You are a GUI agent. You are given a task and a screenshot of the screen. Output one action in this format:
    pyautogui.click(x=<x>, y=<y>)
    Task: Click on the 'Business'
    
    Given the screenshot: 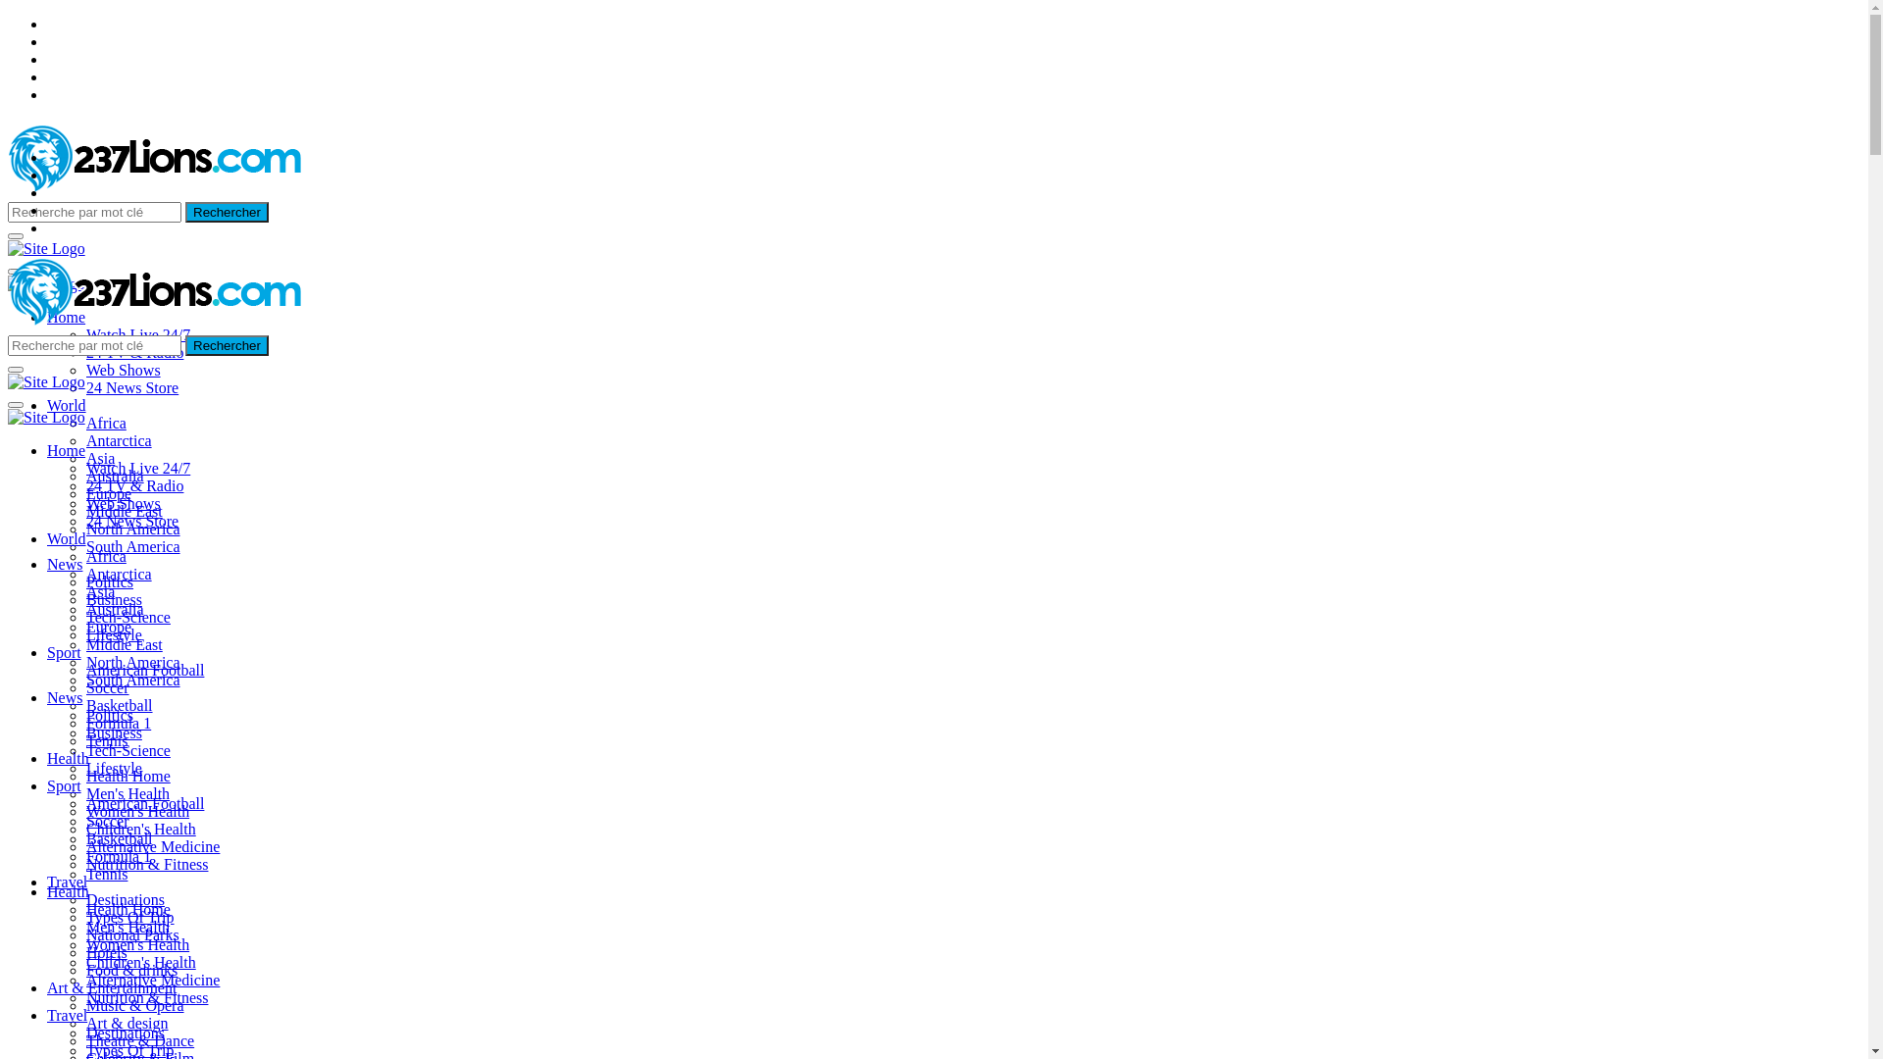 What is the action you would take?
    pyautogui.click(x=113, y=598)
    